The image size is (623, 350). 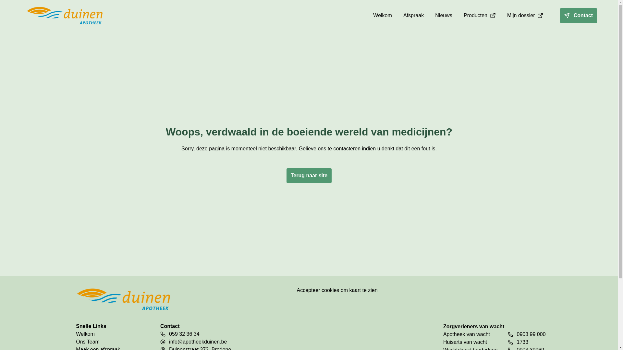 What do you see at coordinates (107, 334) in the screenshot?
I see `'Welkom'` at bounding box center [107, 334].